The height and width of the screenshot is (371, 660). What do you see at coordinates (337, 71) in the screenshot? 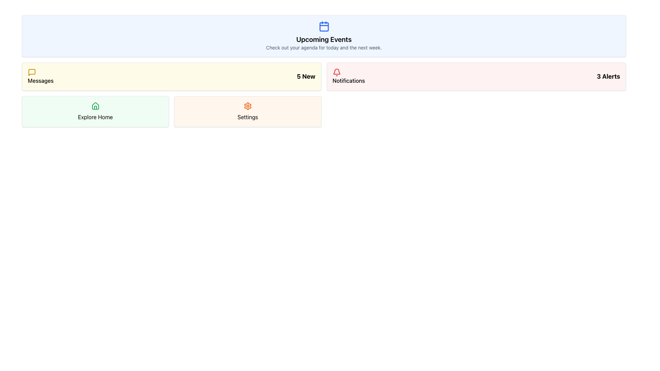
I see `the notification icon, which is centrally located within the red-colored notification box, indicating updates or alerts` at bounding box center [337, 71].